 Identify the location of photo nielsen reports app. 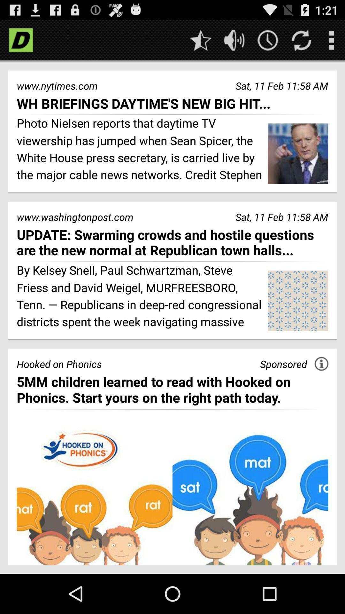
(140, 150).